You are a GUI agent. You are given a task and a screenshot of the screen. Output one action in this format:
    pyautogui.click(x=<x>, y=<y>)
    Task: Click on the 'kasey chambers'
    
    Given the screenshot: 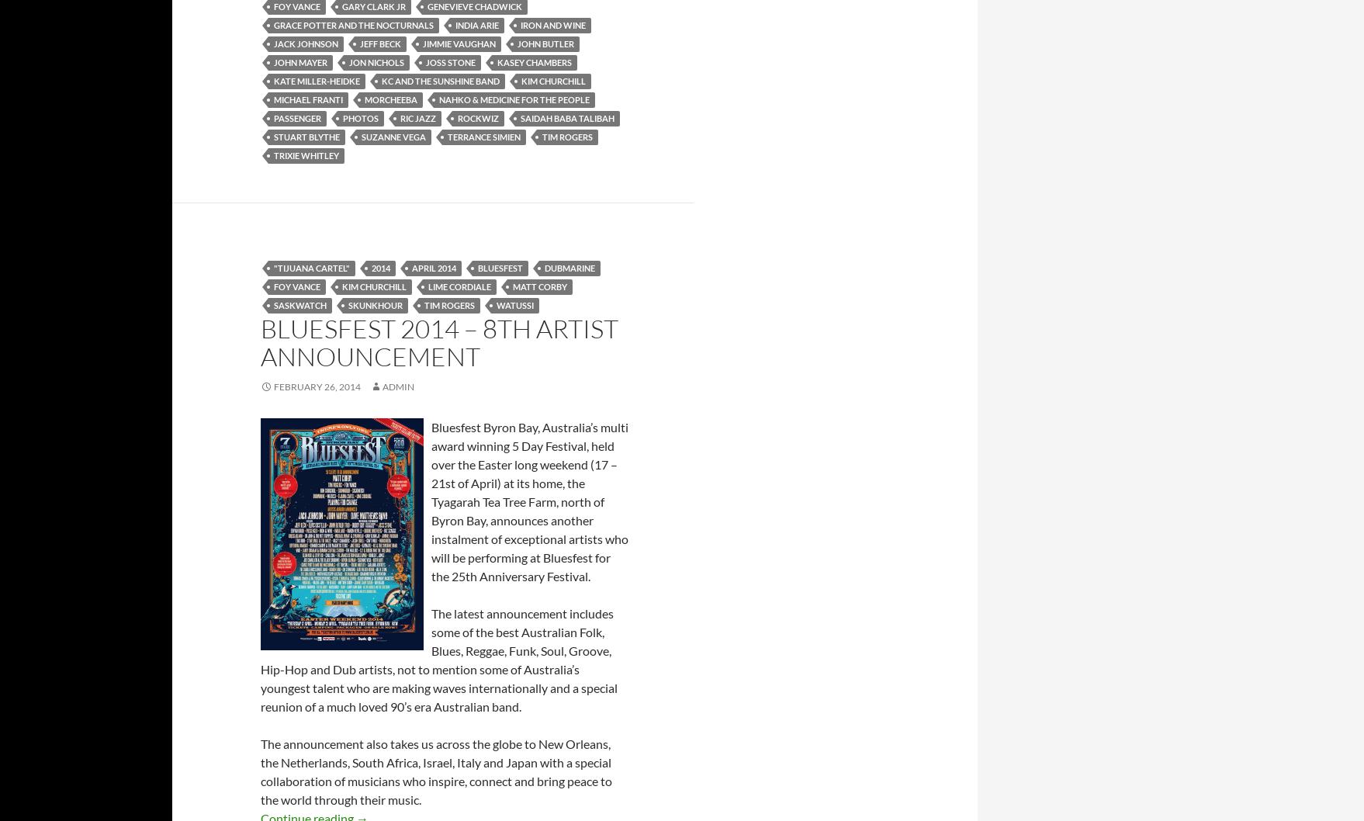 What is the action you would take?
    pyautogui.click(x=534, y=61)
    